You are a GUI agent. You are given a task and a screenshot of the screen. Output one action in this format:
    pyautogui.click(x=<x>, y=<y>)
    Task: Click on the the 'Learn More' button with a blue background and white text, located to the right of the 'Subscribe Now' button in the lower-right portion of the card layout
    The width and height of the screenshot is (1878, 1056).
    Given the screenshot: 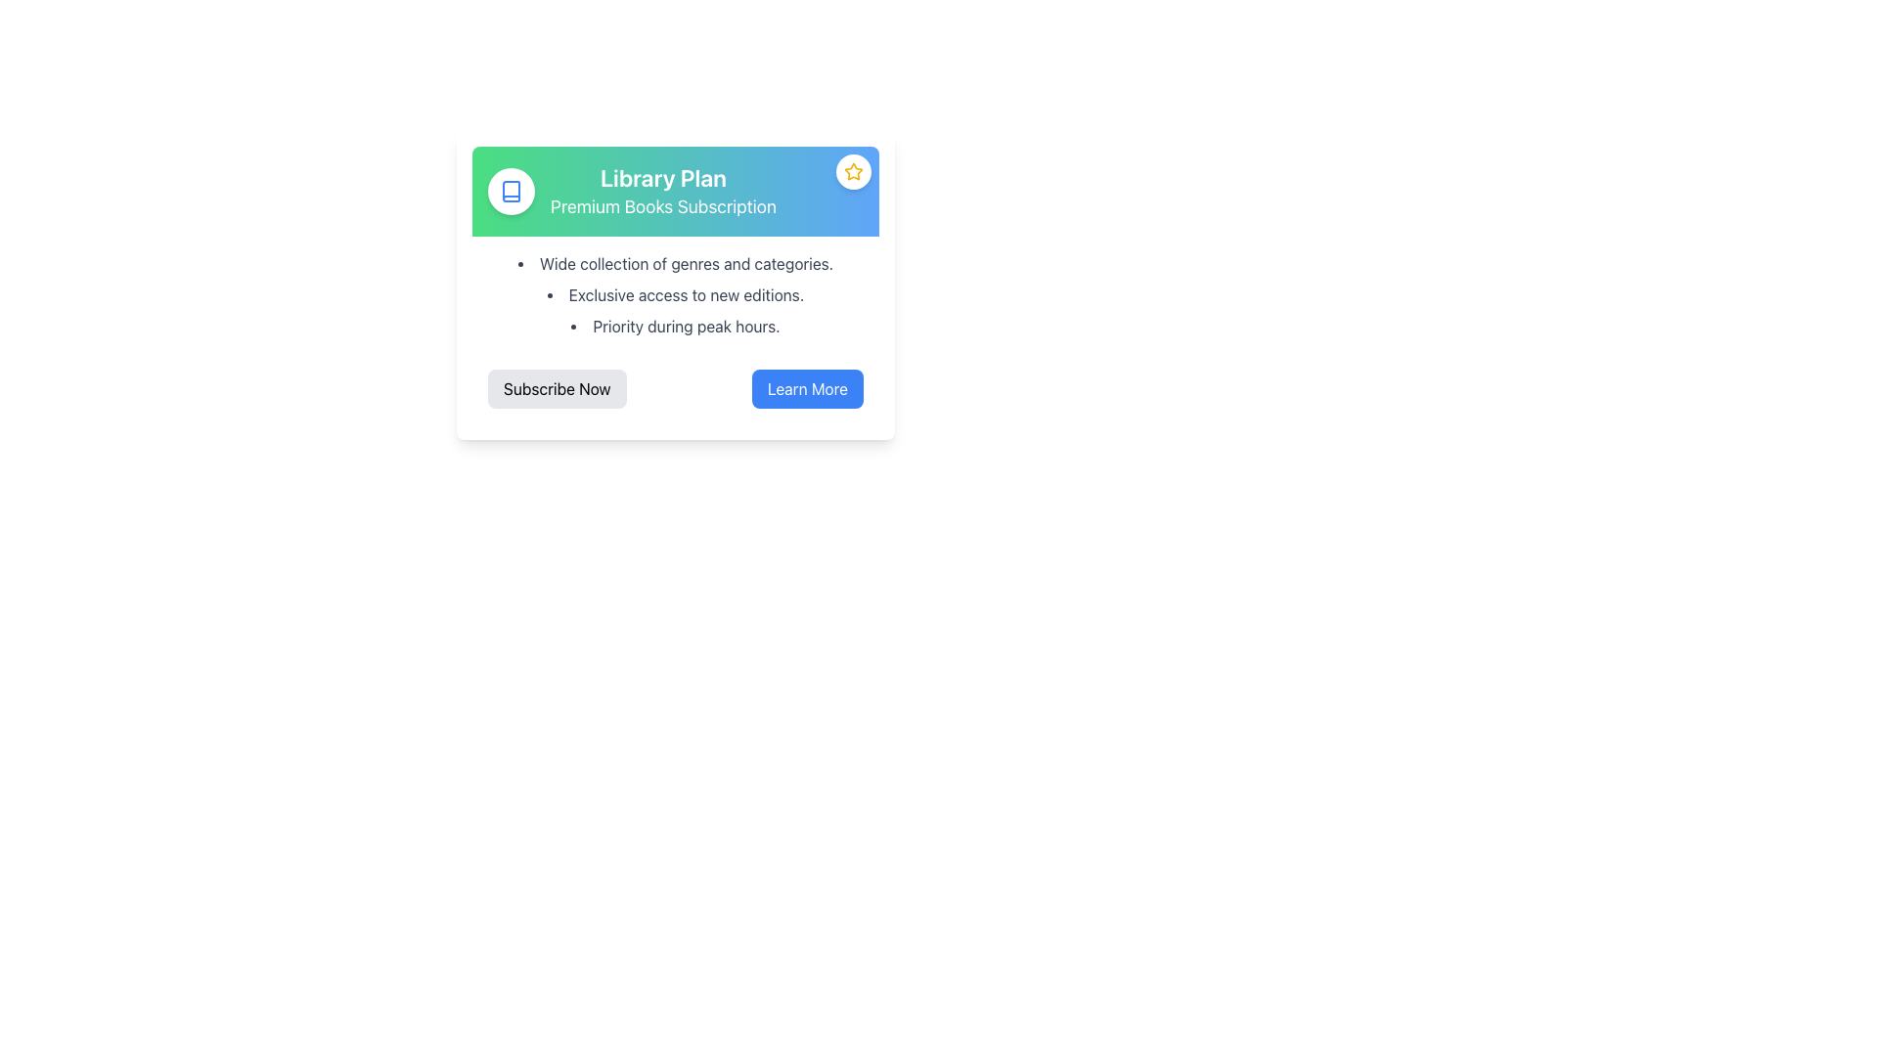 What is the action you would take?
    pyautogui.click(x=807, y=388)
    